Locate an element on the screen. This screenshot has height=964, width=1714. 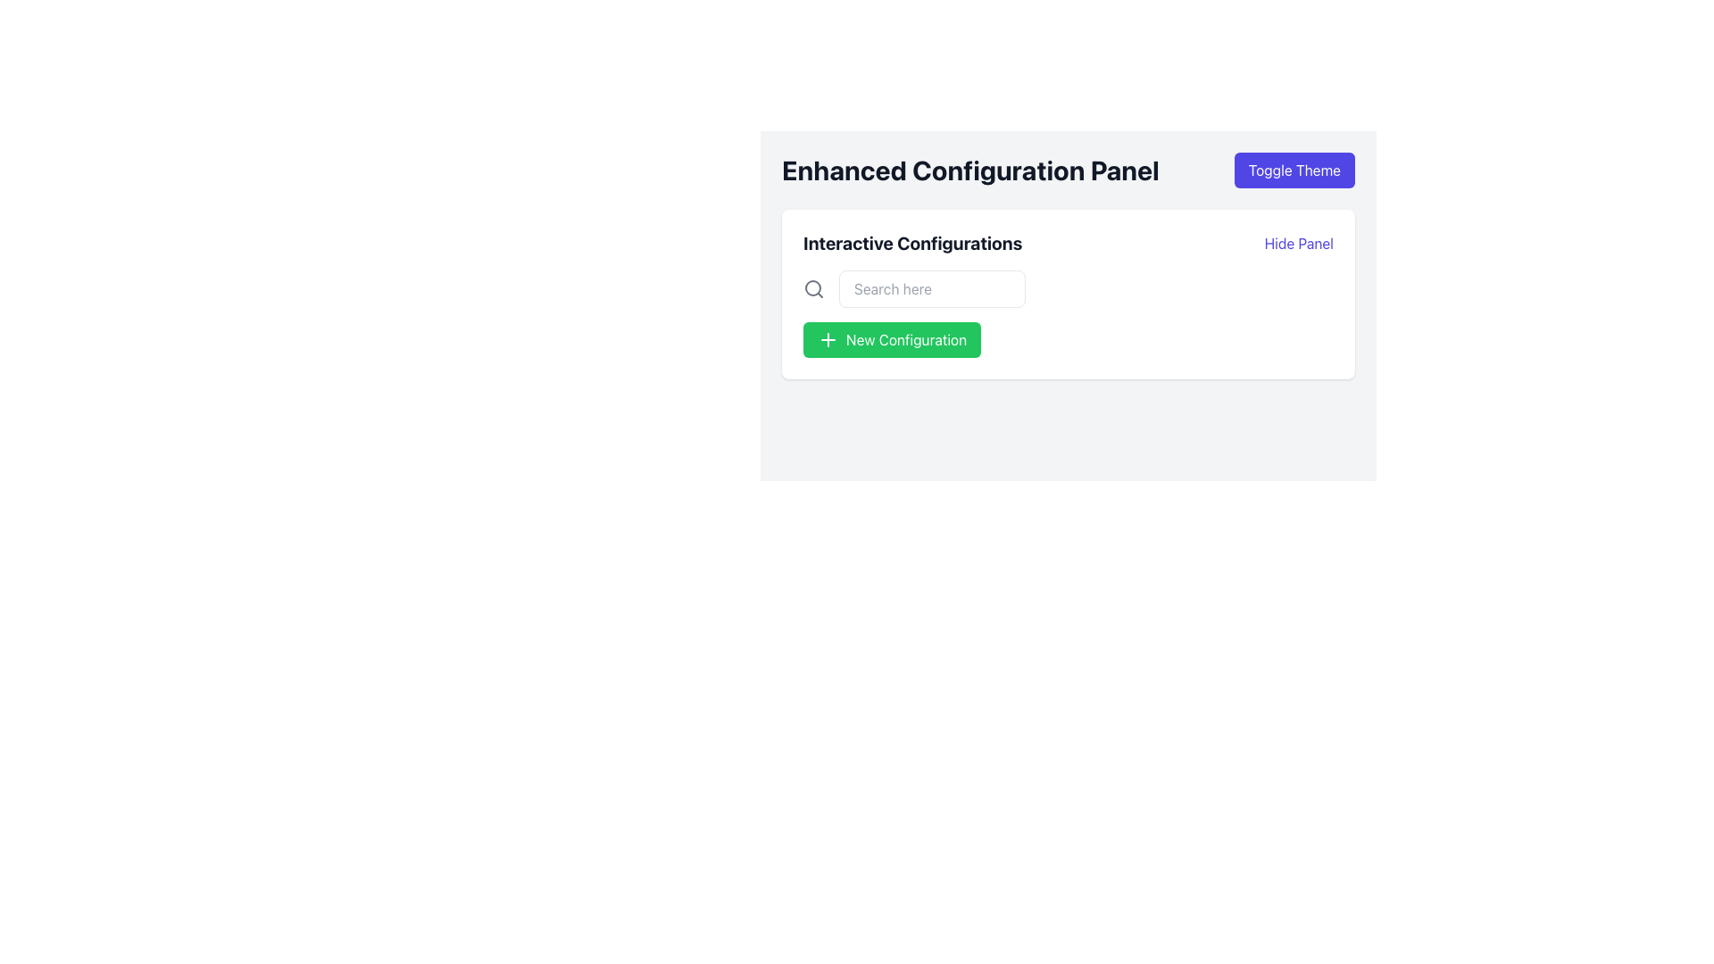
the 'New Configuration' button which features an icon for adding or creating something new, located on the left side of the button is located at coordinates (827, 340).